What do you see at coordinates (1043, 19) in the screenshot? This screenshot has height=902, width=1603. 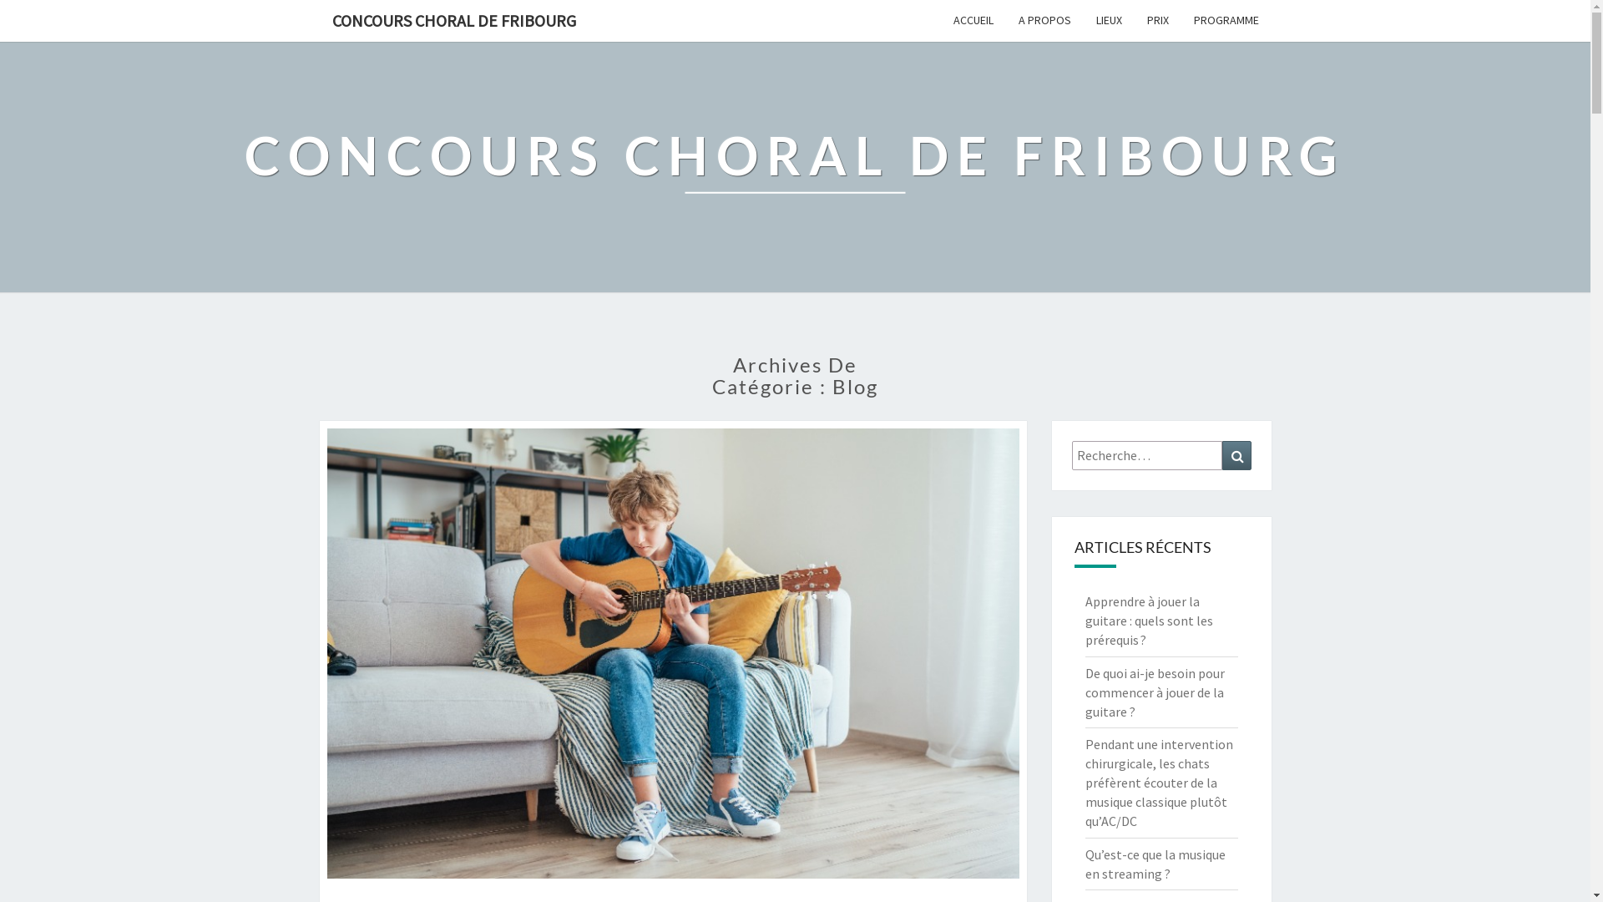 I see `'A PROPOS'` at bounding box center [1043, 19].